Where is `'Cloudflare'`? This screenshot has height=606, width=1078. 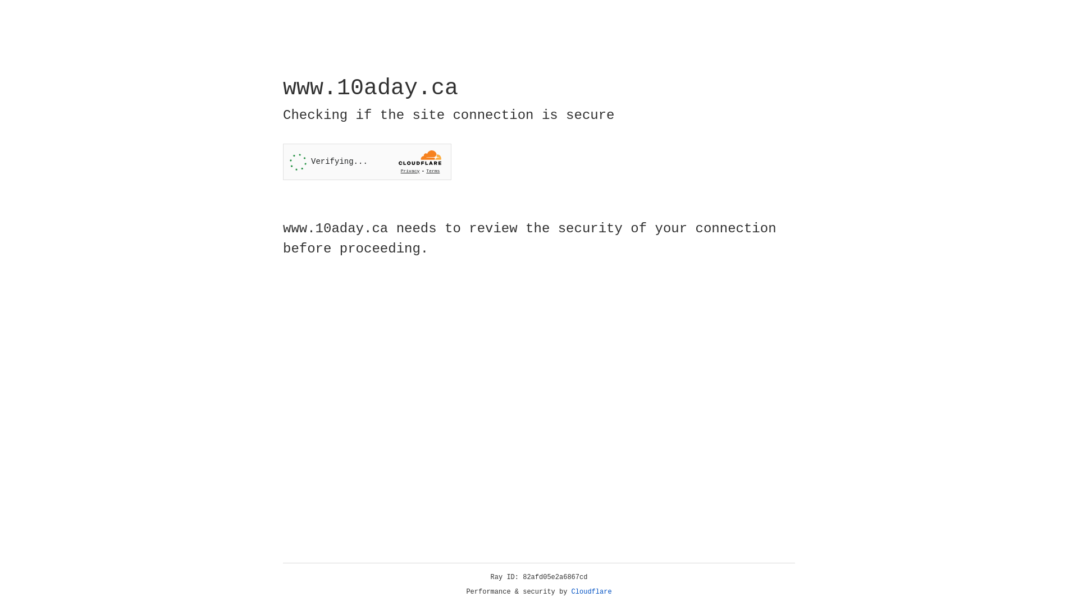
'Cloudflare' is located at coordinates (591, 591).